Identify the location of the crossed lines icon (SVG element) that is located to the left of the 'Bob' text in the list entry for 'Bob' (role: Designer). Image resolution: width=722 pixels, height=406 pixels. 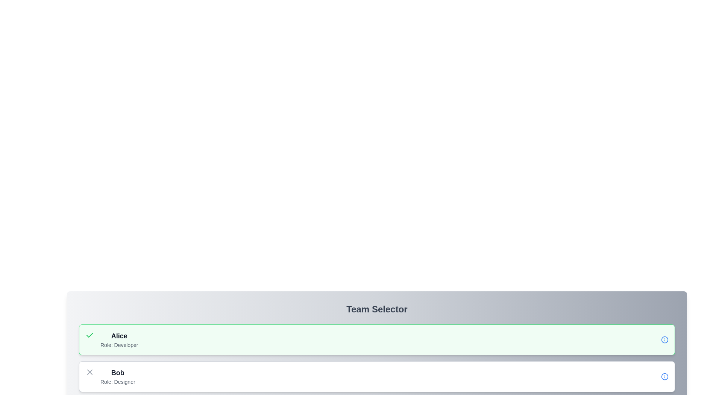
(90, 372).